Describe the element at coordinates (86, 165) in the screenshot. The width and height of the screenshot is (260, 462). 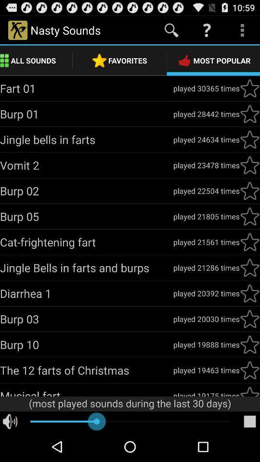
I see `item to the left of the played 23478 times icon` at that location.